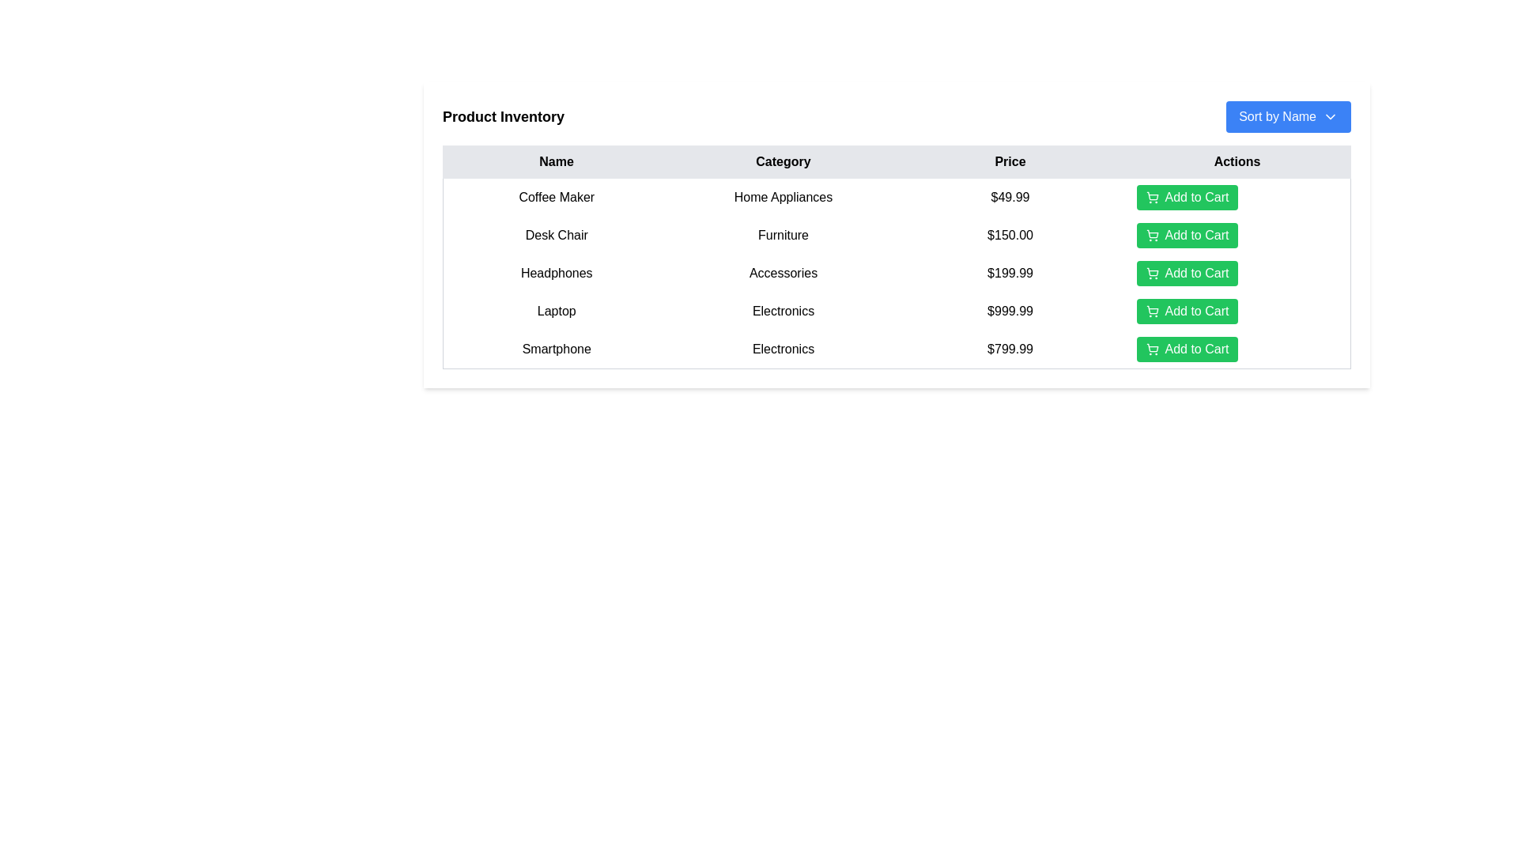 The image size is (1518, 854). What do you see at coordinates (557, 161) in the screenshot?
I see `the 'Name' table header, which is the first column header in a row of headers styled with bold black text on a light gray background` at bounding box center [557, 161].